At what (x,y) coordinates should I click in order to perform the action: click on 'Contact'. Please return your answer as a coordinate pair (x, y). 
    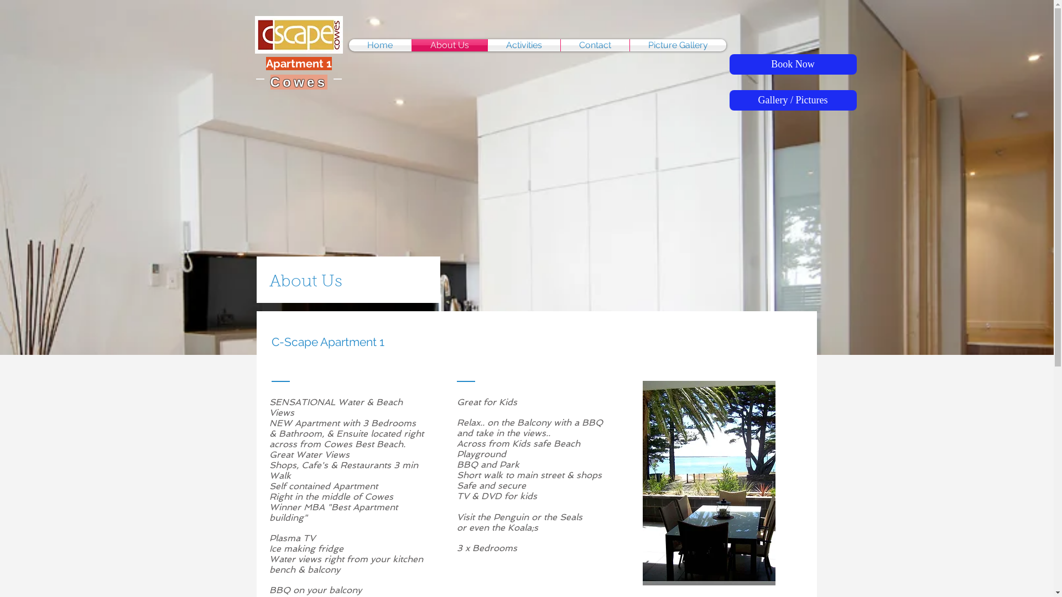
    Looking at the image, I should click on (594, 44).